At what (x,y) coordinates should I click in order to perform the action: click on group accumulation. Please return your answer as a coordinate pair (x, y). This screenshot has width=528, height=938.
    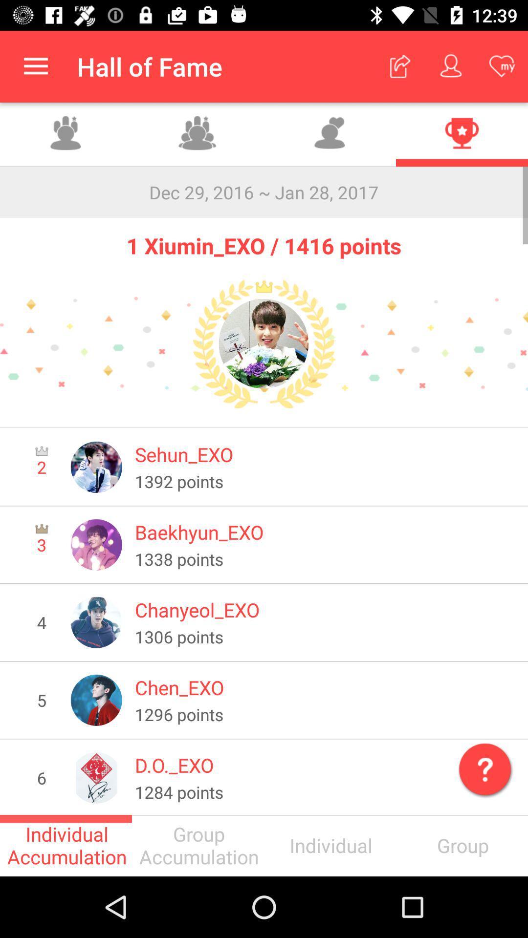
    Looking at the image, I should click on (66, 134).